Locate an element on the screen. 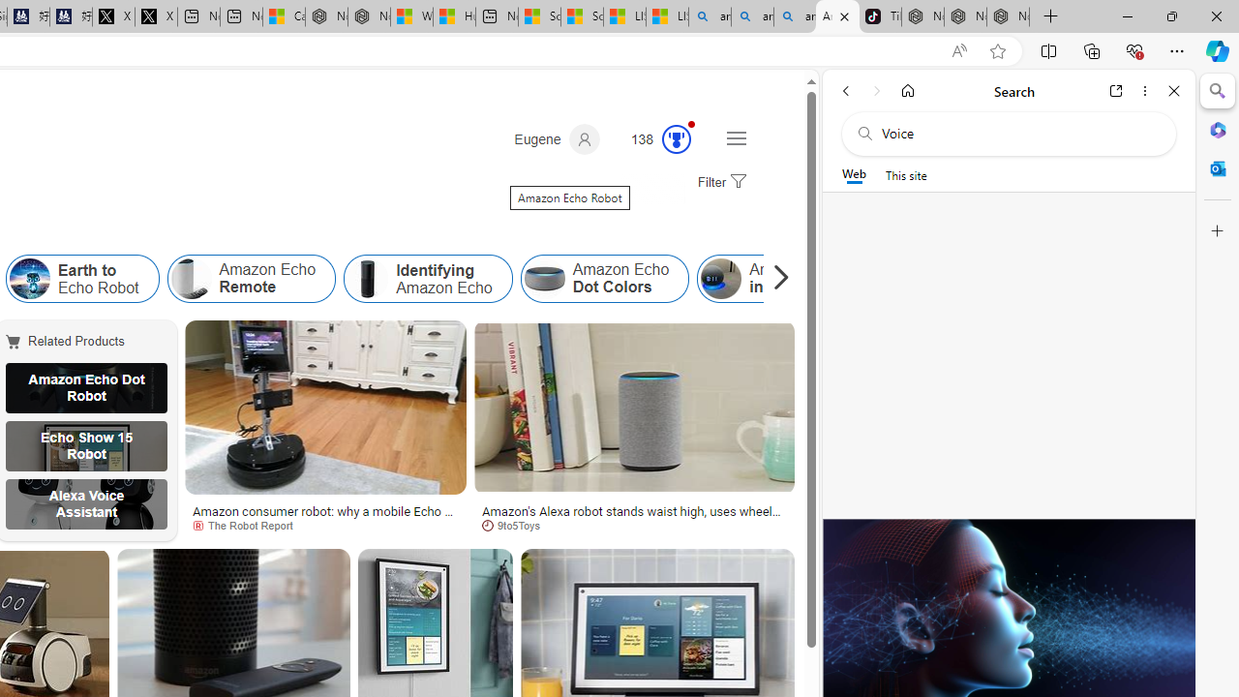  'Settings and quick links' is located at coordinates (735, 136).